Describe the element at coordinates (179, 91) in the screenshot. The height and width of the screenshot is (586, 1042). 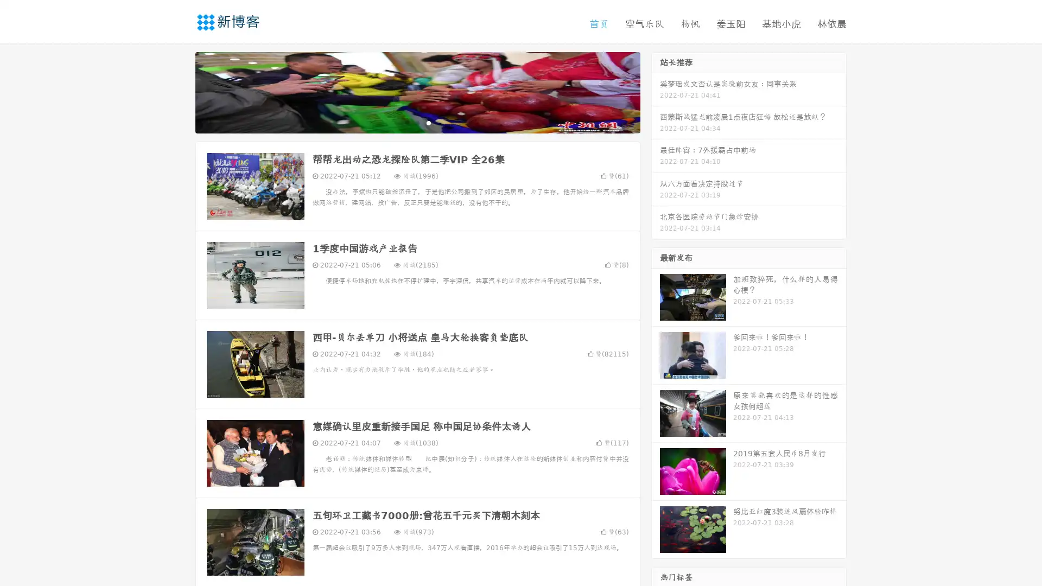
I see `Previous slide` at that location.